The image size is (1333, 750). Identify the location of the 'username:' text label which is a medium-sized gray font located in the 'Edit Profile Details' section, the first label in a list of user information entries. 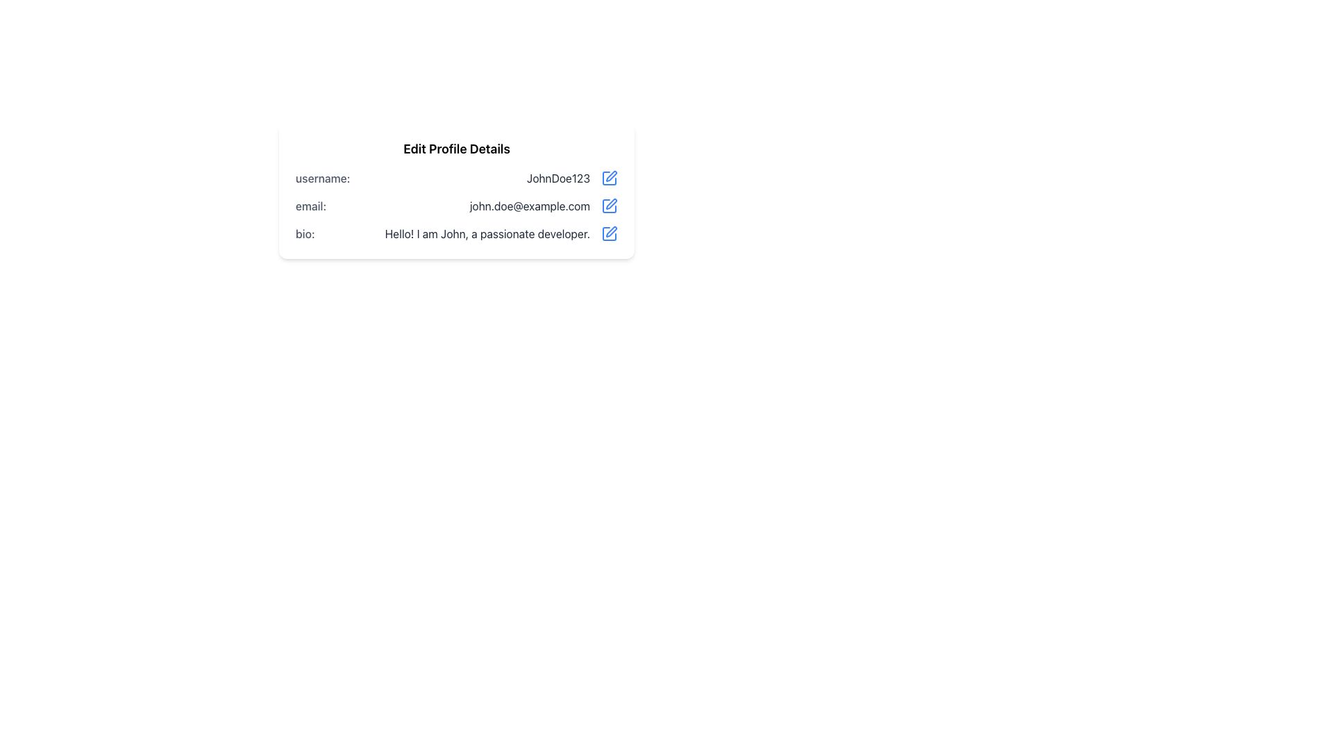
(322, 178).